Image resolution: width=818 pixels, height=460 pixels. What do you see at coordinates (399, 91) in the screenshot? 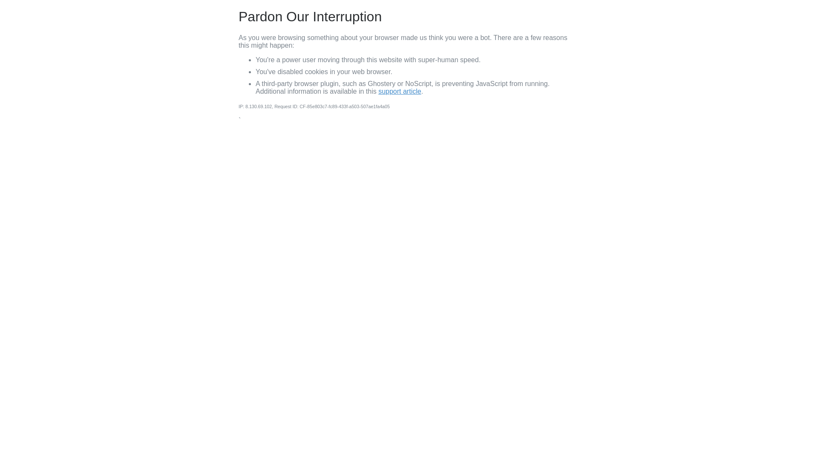
I see `'support article'` at bounding box center [399, 91].